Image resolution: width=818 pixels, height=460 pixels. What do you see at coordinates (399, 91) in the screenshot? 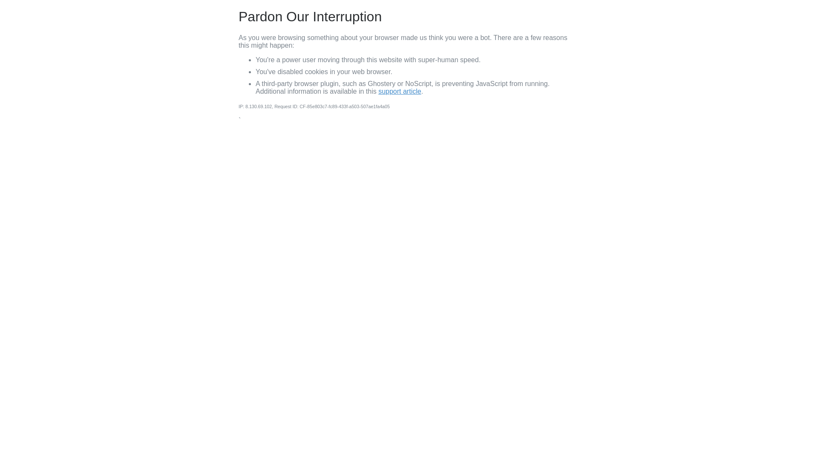
I see `'support article'` at bounding box center [399, 91].